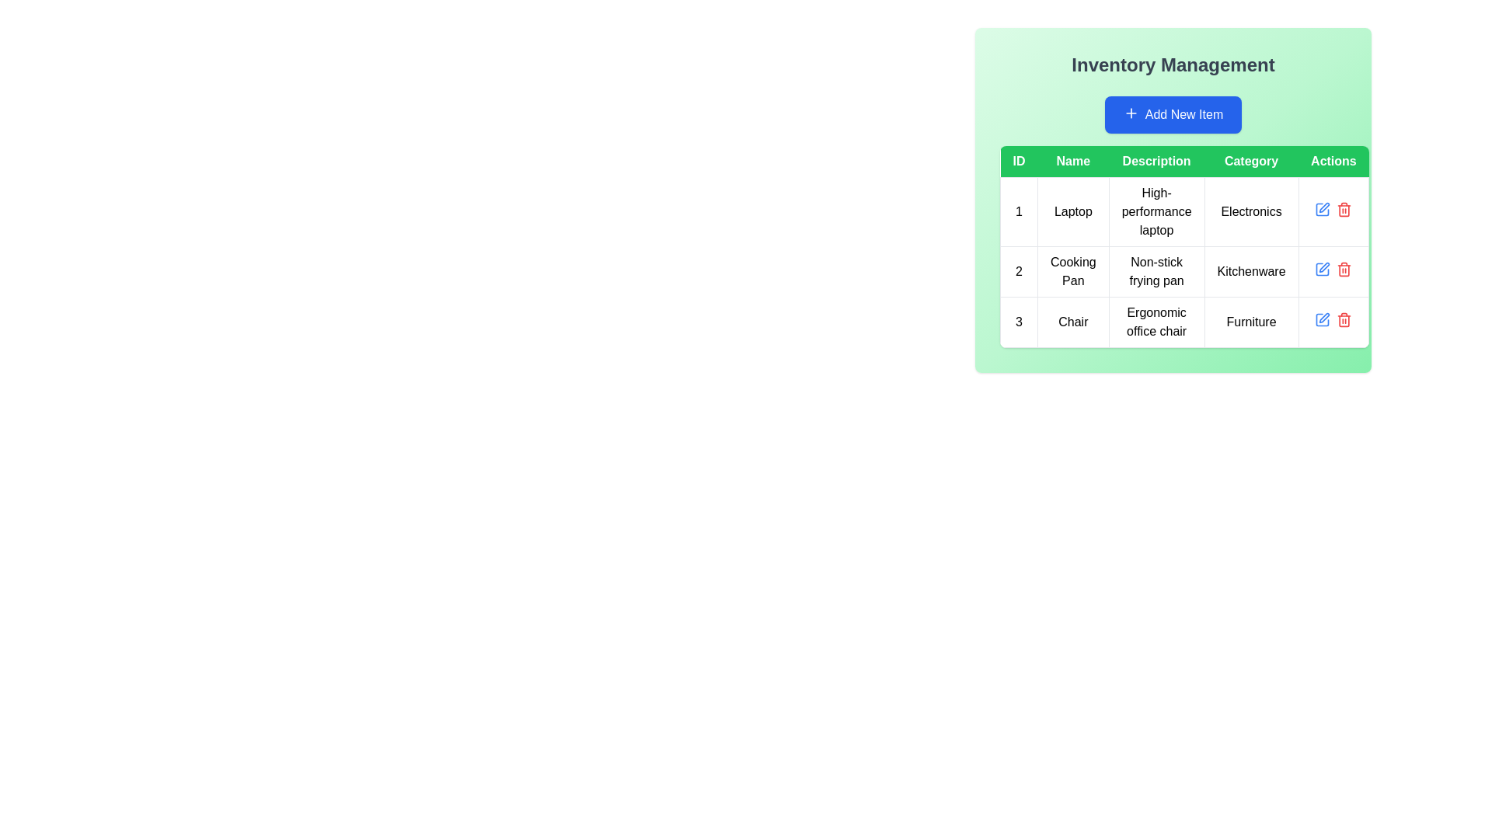 The image size is (1492, 839). What do you see at coordinates (1156, 162) in the screenshot?
I see `the text label that serves as a header for the table column, indicating descriptions or details about listed items, which is positioned third from the left among its siblings labeled 'ID', 'Name', 'Category', and 'Actions'` at bounding box center [1156, 162].